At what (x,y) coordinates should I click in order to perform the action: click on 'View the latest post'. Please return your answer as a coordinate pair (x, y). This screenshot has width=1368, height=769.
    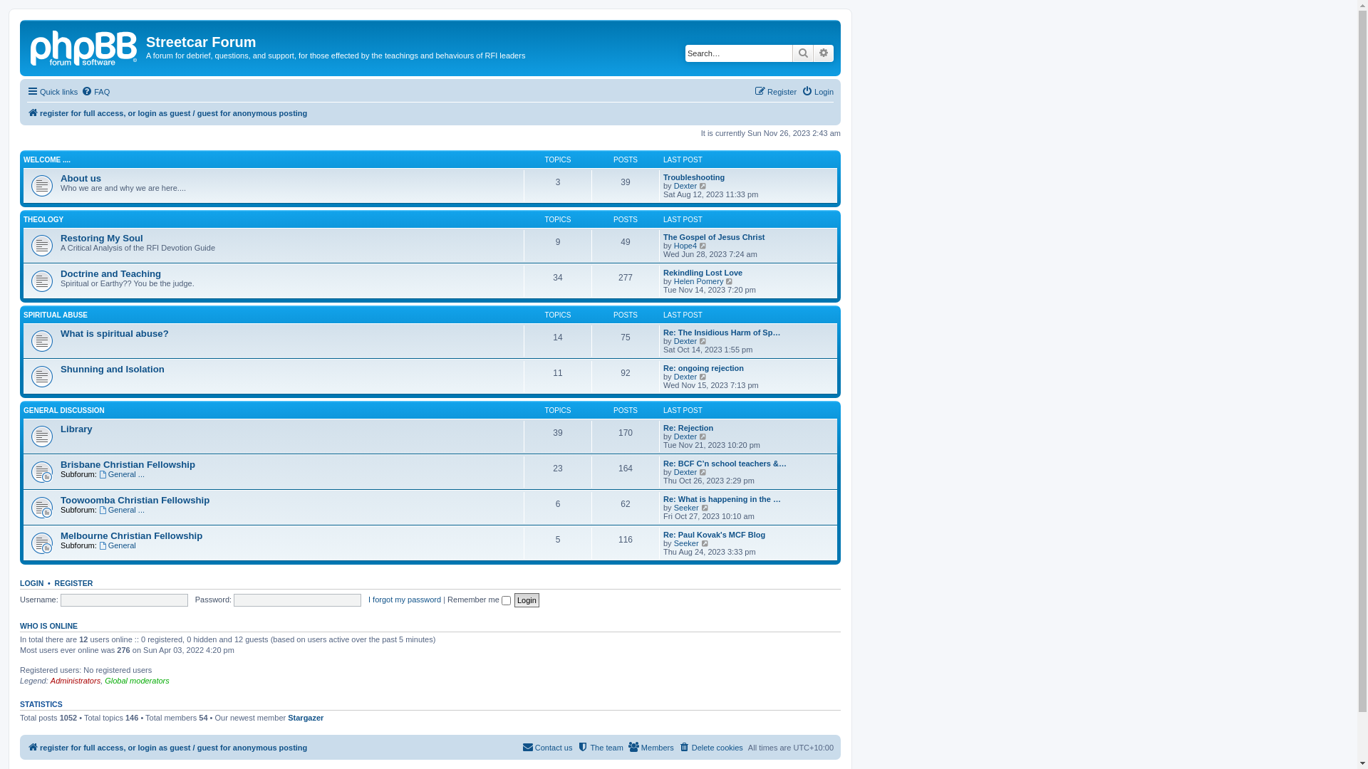
    Looking at the image, I should click on (703, 436).